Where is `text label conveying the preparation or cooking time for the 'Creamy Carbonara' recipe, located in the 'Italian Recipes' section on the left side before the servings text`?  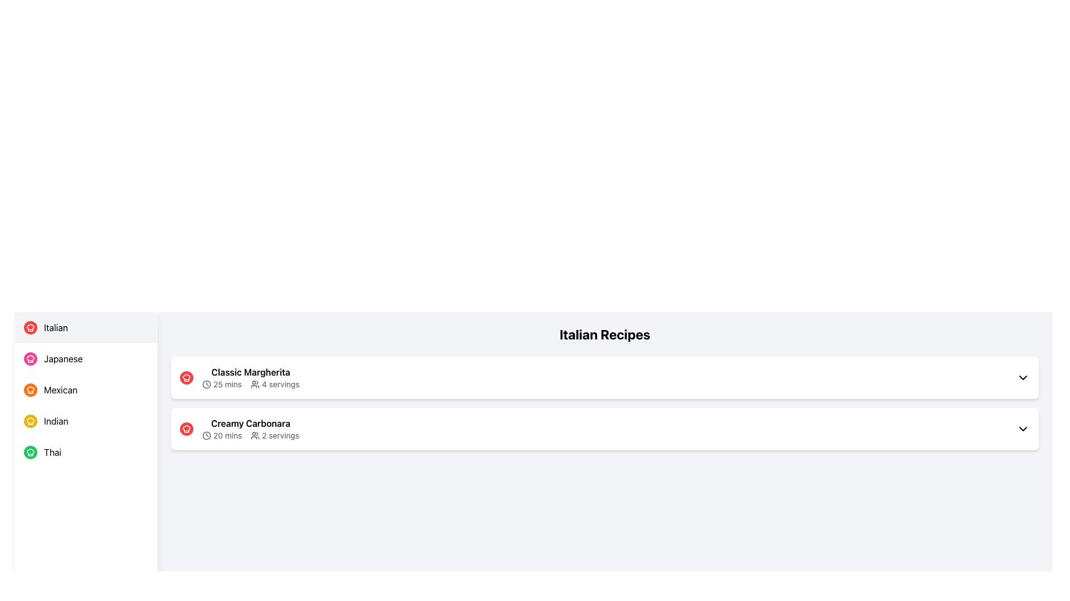
text label conveying the preparation or cooking time for the 'Creamy Carbonara' recipe, located in the 'Italian Recipes' section on the left side before the servings text is located at coordinates (222, 435).